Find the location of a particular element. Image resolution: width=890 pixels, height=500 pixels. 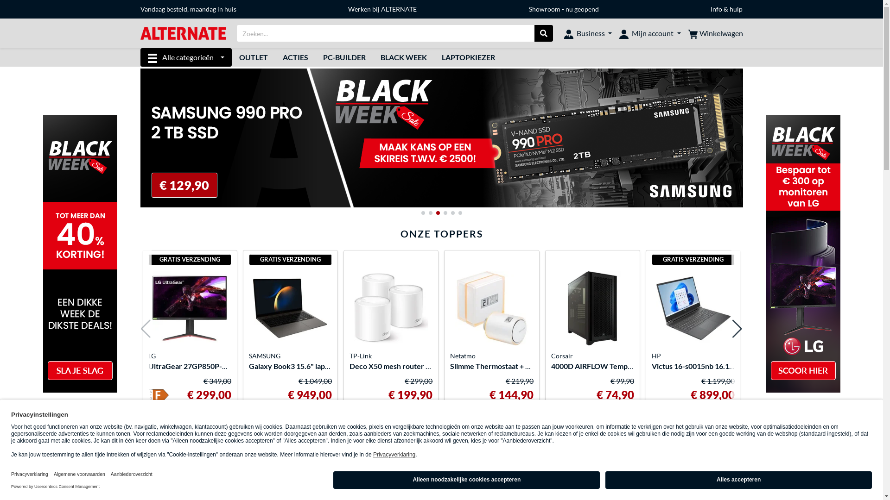

'Winkelwagen' is located at coordinates (714, 33).